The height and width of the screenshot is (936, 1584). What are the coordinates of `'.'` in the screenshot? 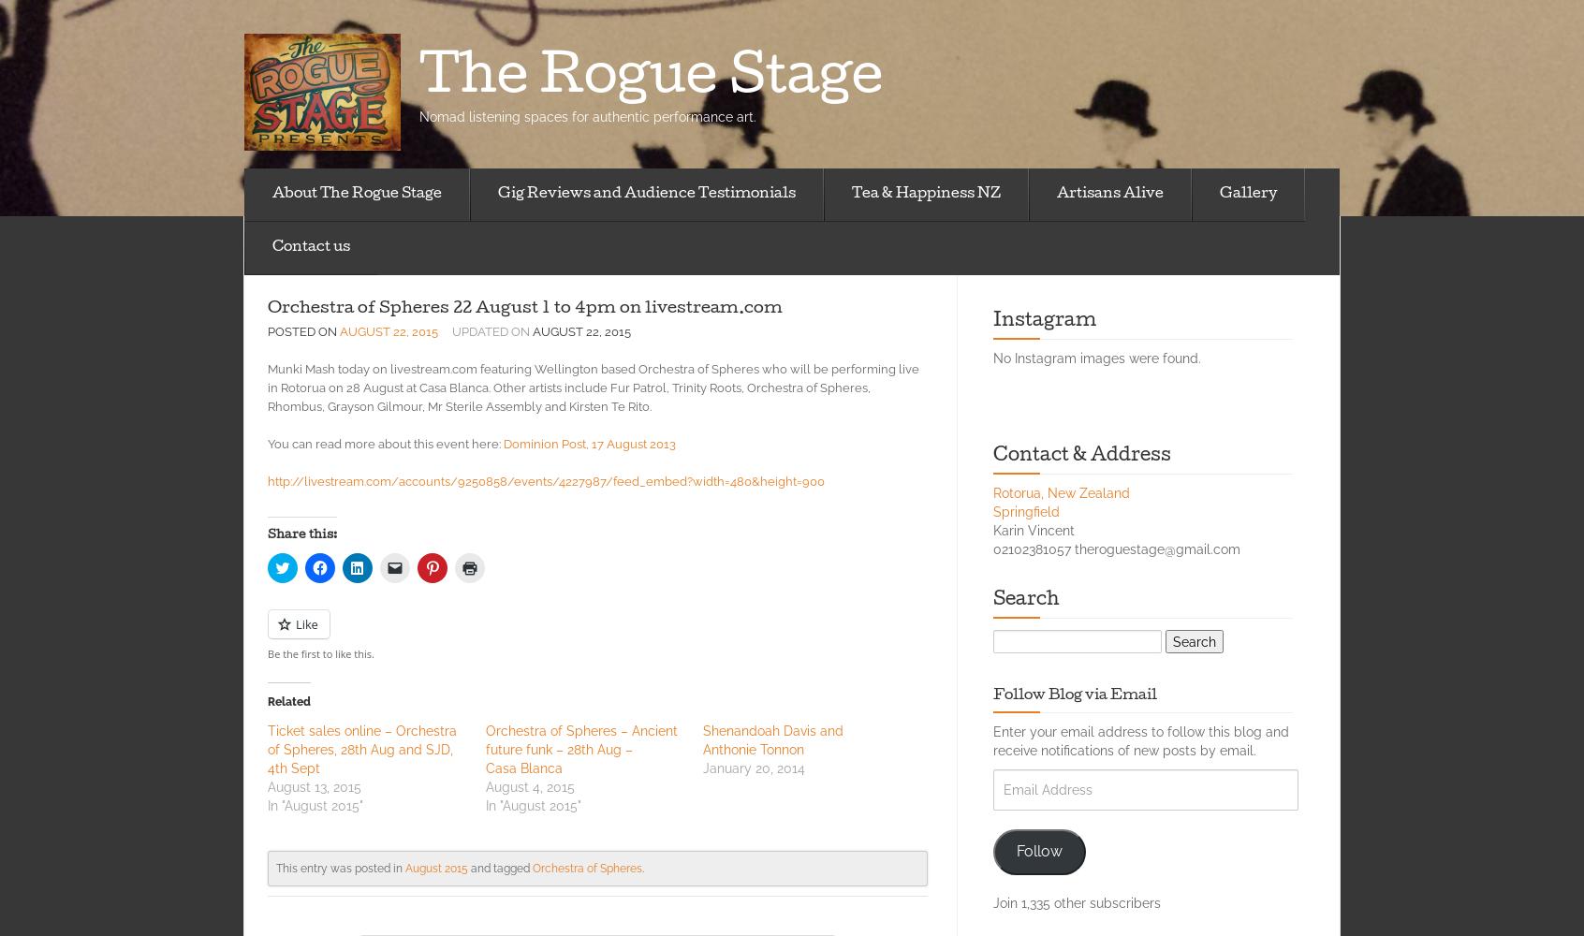 It's located at (642, 868).